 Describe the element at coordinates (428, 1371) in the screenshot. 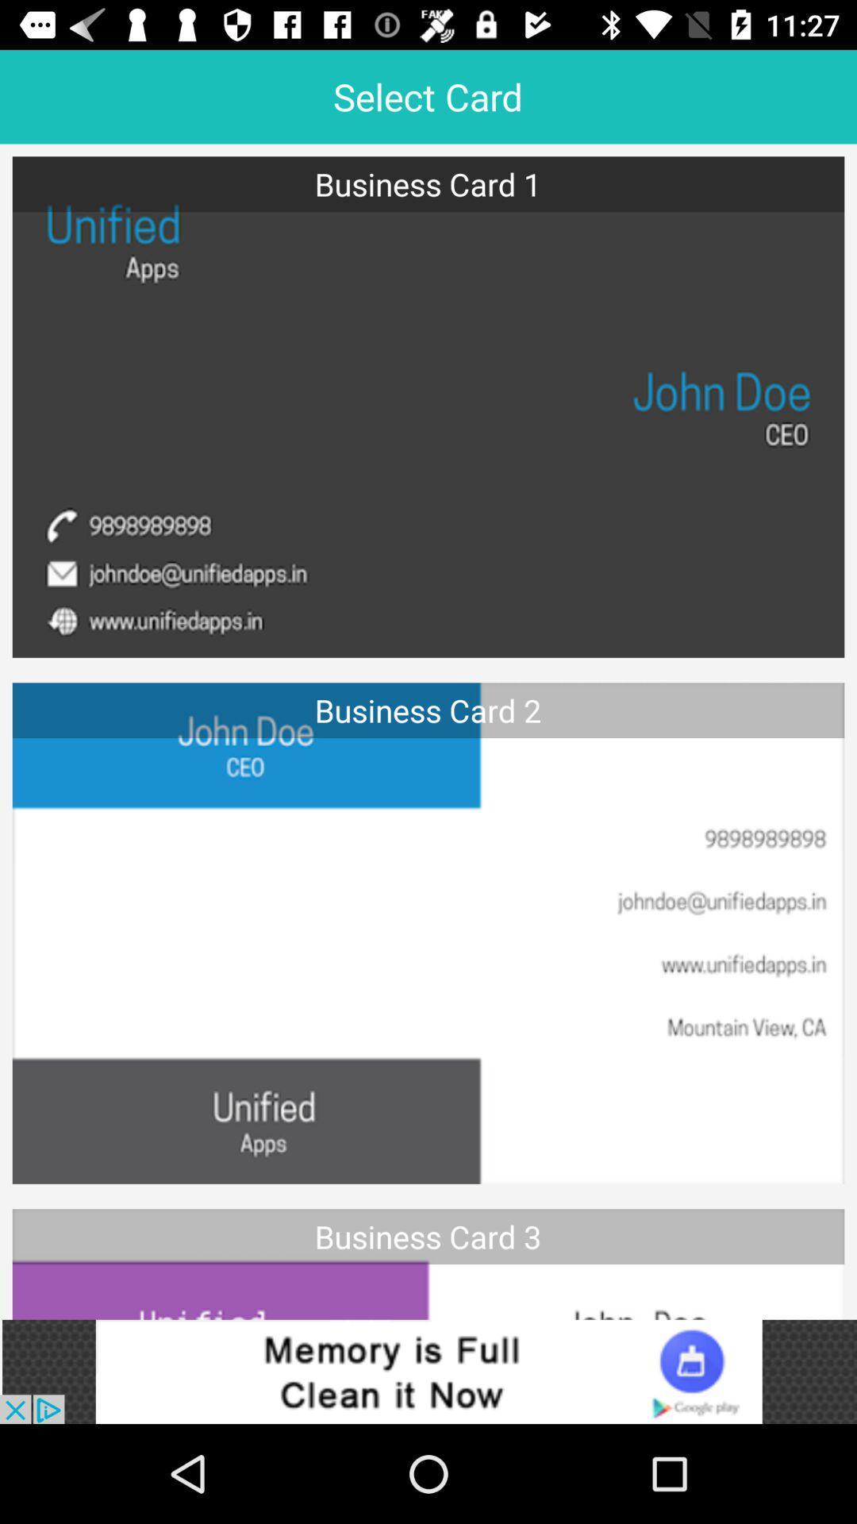

I see `open app advertisement` at that location.